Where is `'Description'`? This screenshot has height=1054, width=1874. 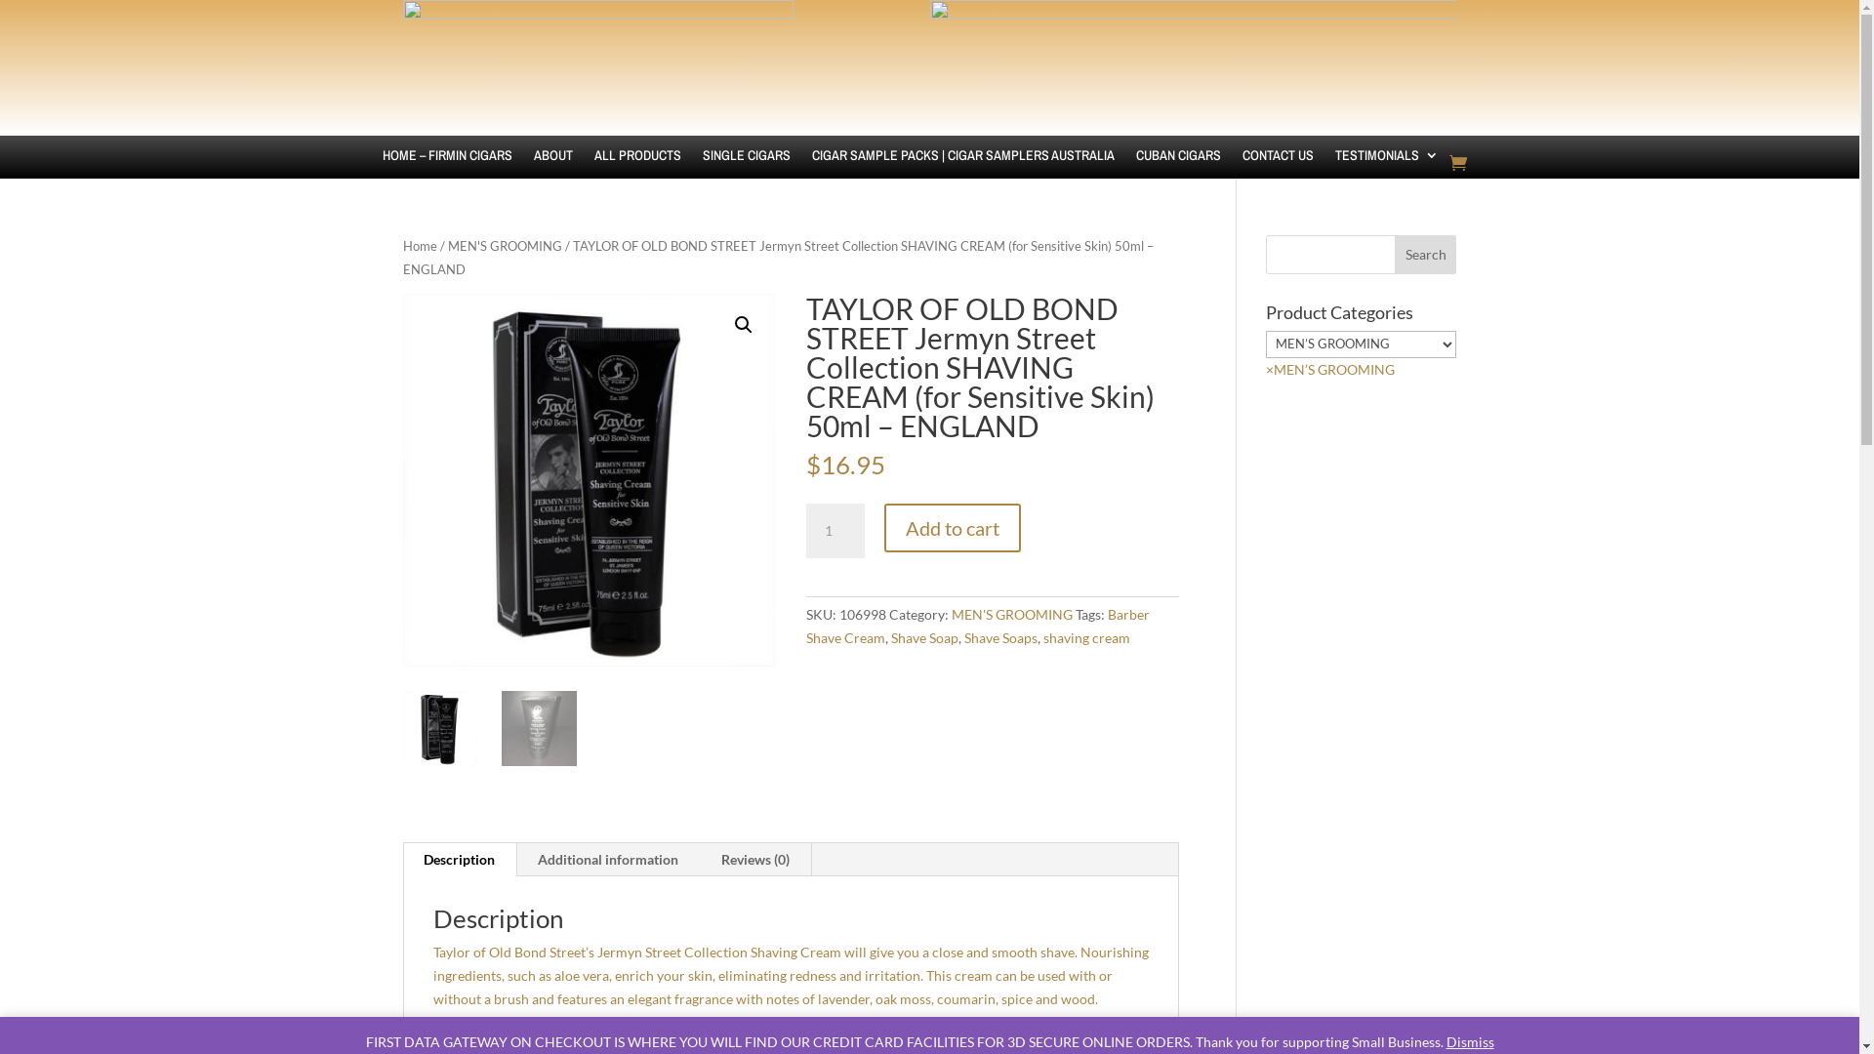 'Description' is located at coordinates (458, 858).